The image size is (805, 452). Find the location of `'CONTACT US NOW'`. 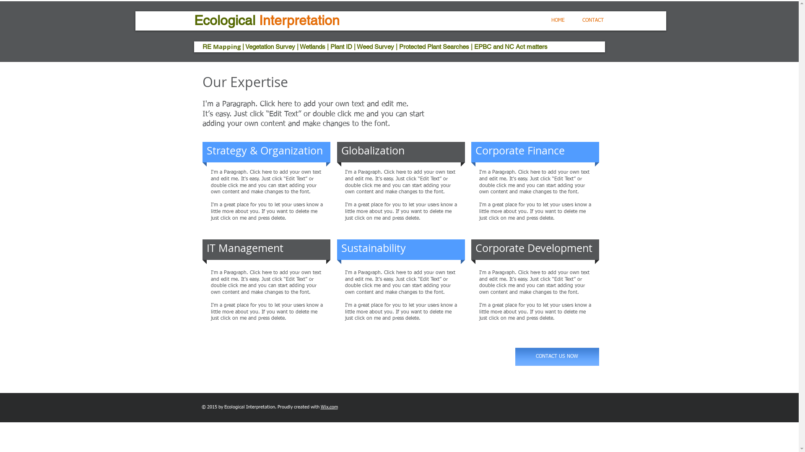

'CONTACT US NOW' is located at coordinates (557, 357).